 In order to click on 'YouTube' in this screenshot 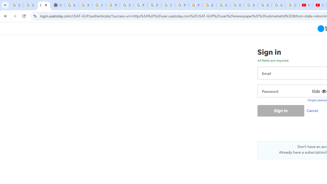, I will do `click(306, 5)`.